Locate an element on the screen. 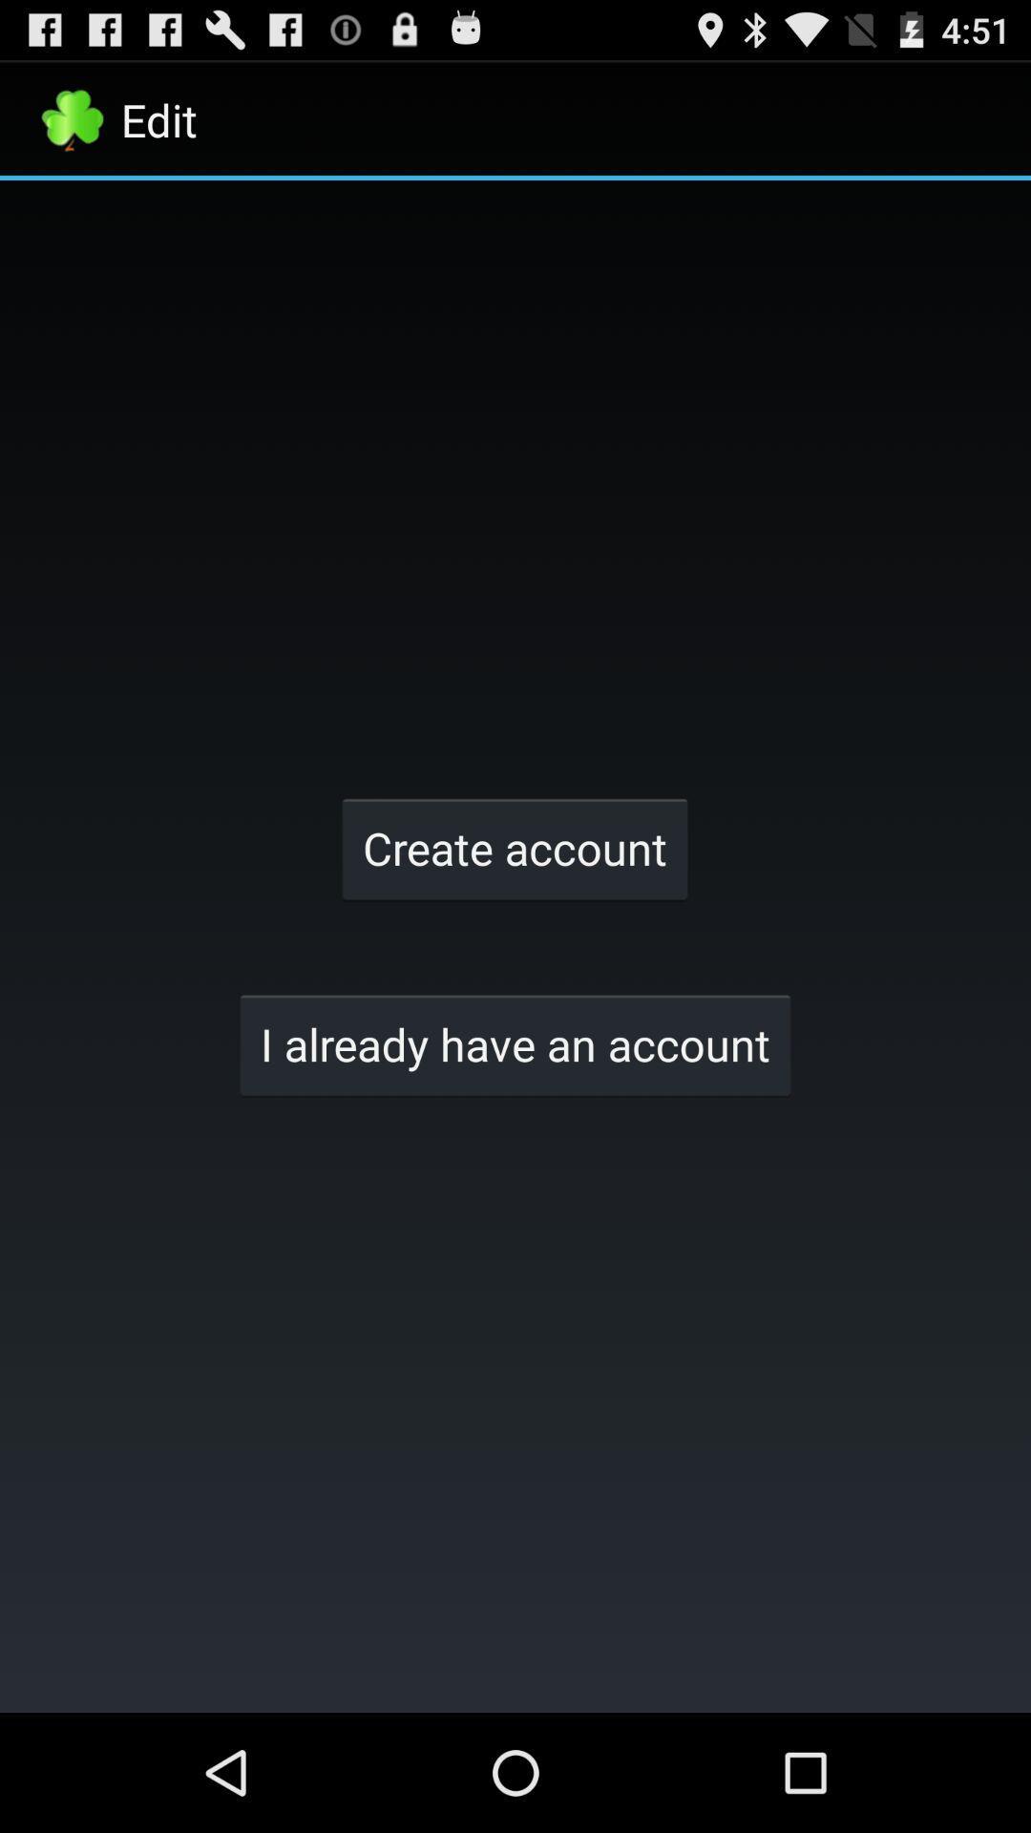 This screenshot has width=1031, height=1833. the icon below the create account icon is located at coordinates (515, 1043).